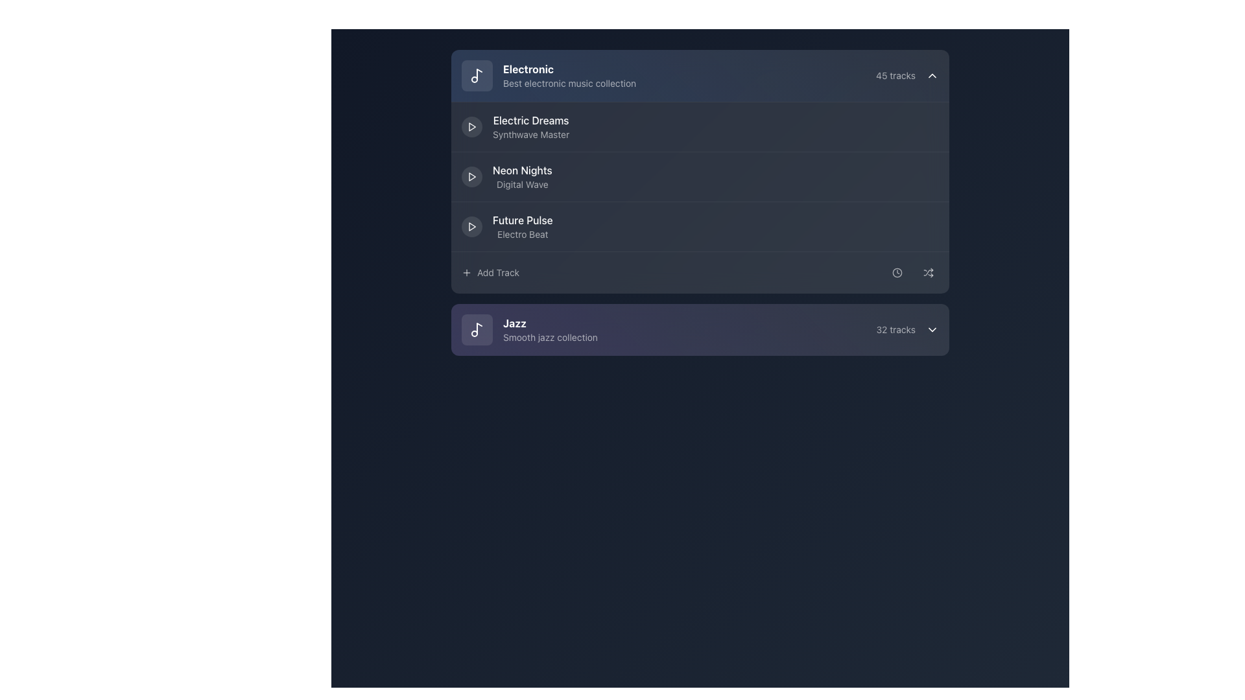 The image size is (1245, 700). I want to click on the music track list item titled 'Future Pulse' with the subtitle 'Electro Beat', which is the third item in the list, so click(506, 226).